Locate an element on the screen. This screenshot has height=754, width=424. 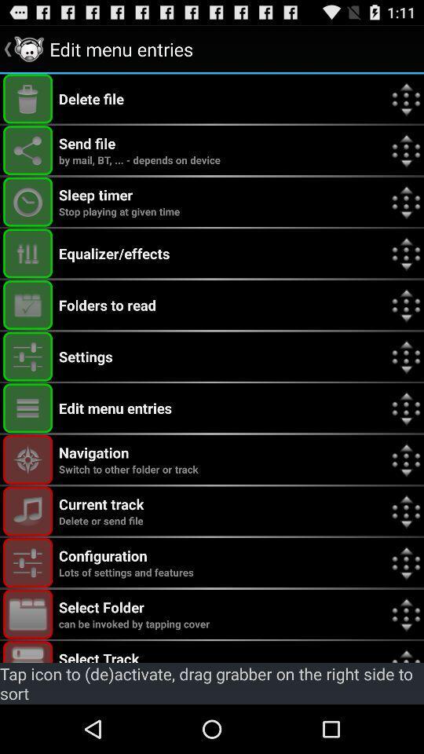
the navigation is located at coordinates (27, 459).